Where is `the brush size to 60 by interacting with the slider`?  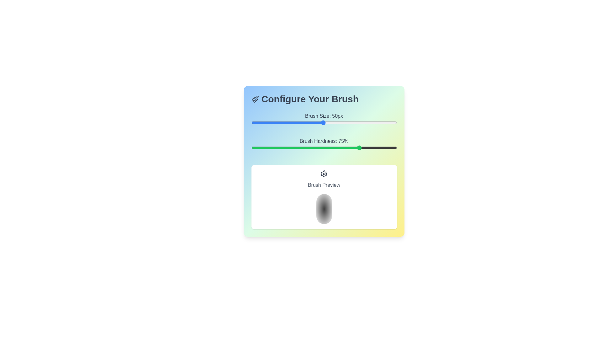 the brush size to 60 by interacting with the slider is located at coordinates (338, 122).